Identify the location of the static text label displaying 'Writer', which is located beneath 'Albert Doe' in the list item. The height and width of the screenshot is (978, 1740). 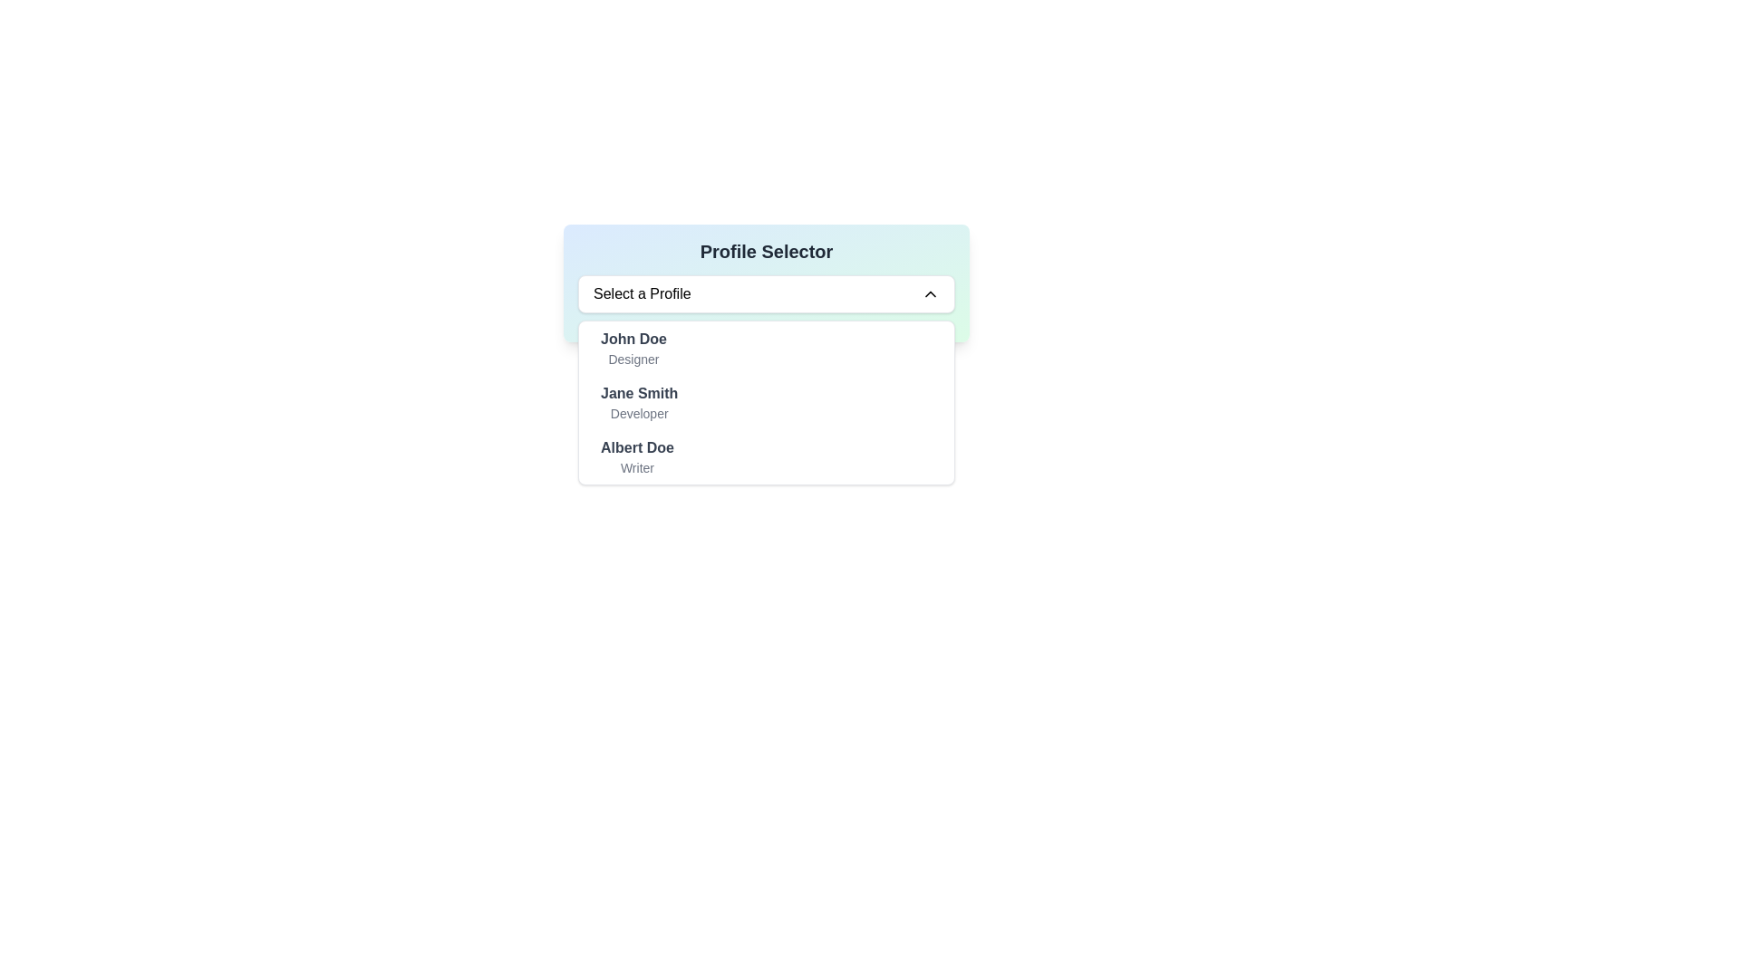
(637, 466).